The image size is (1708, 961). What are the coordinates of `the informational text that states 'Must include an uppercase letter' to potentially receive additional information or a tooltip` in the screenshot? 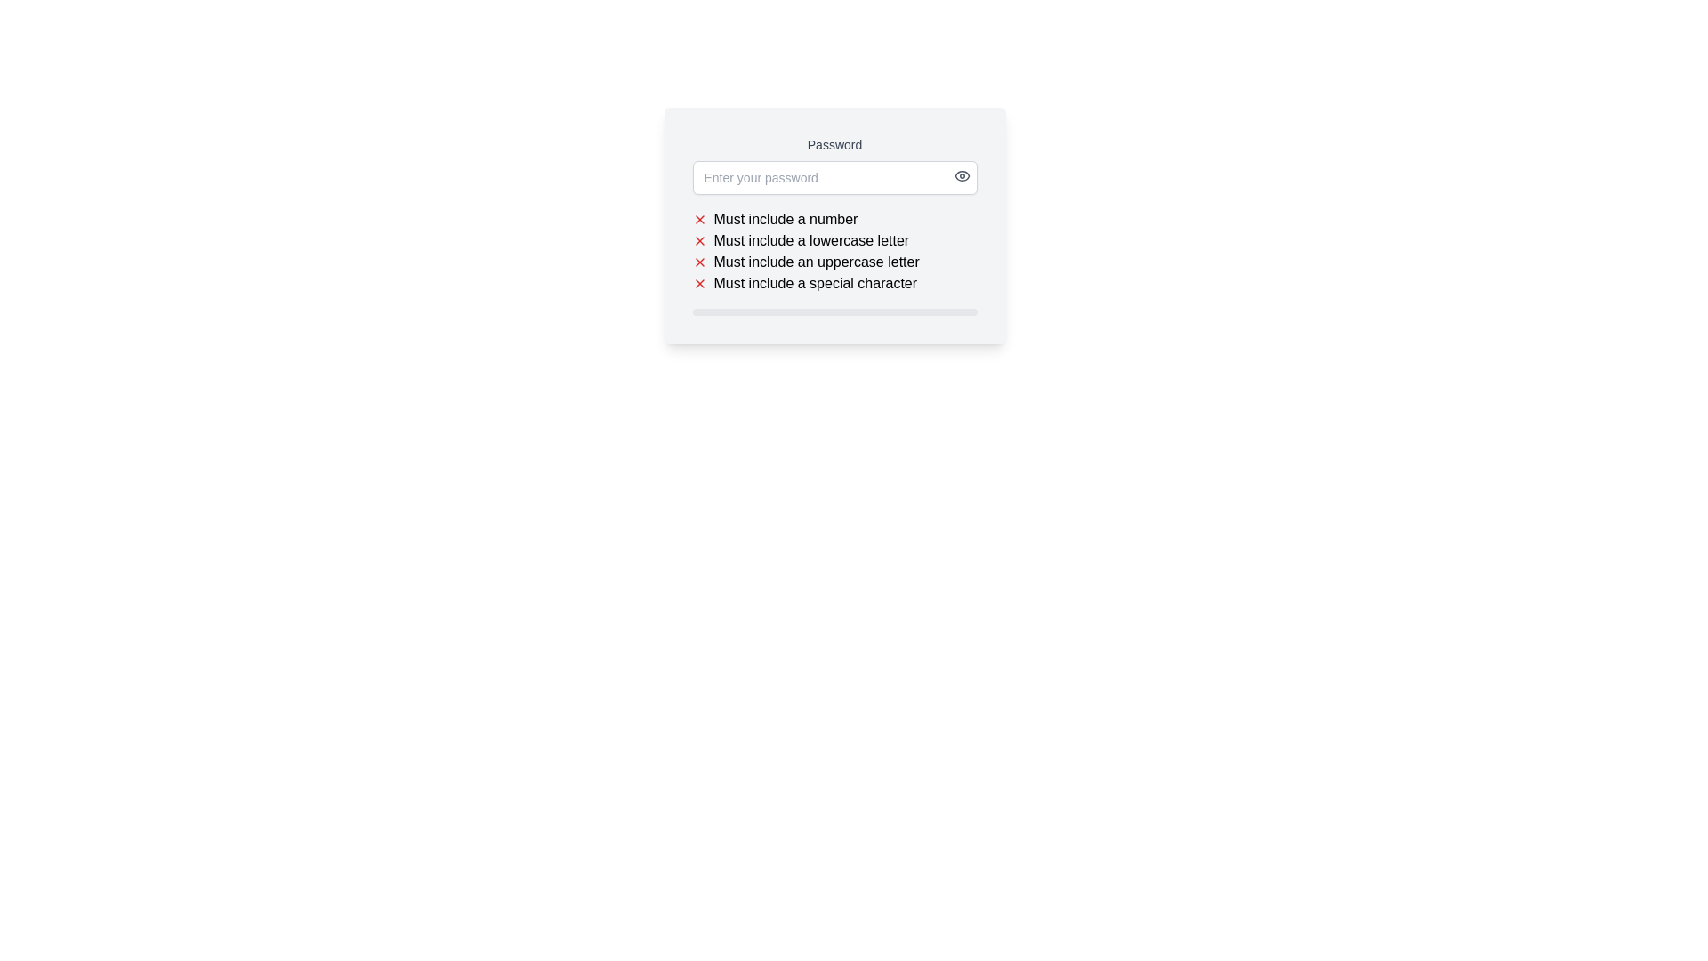 It's located at (816, 262).